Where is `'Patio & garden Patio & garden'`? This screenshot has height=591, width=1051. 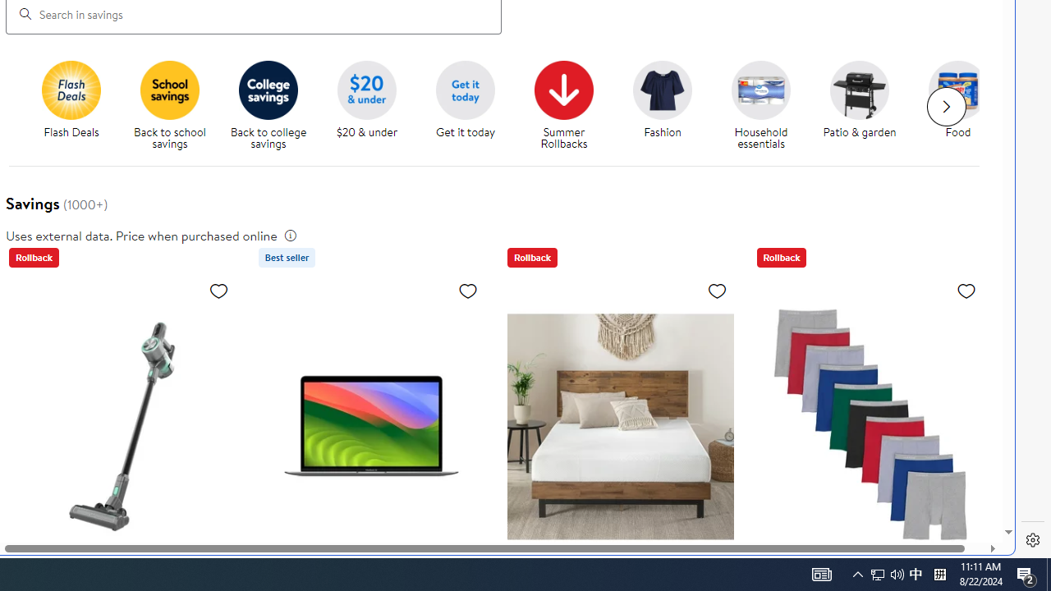 'Patio & garden Patio & garden' is located at coordinates (859, 100).